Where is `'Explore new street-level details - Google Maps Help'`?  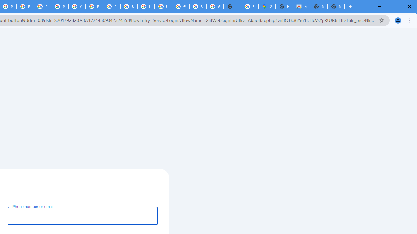 'Explore new street-level details - Google Maps Help' is located at coordinates (249, 6).